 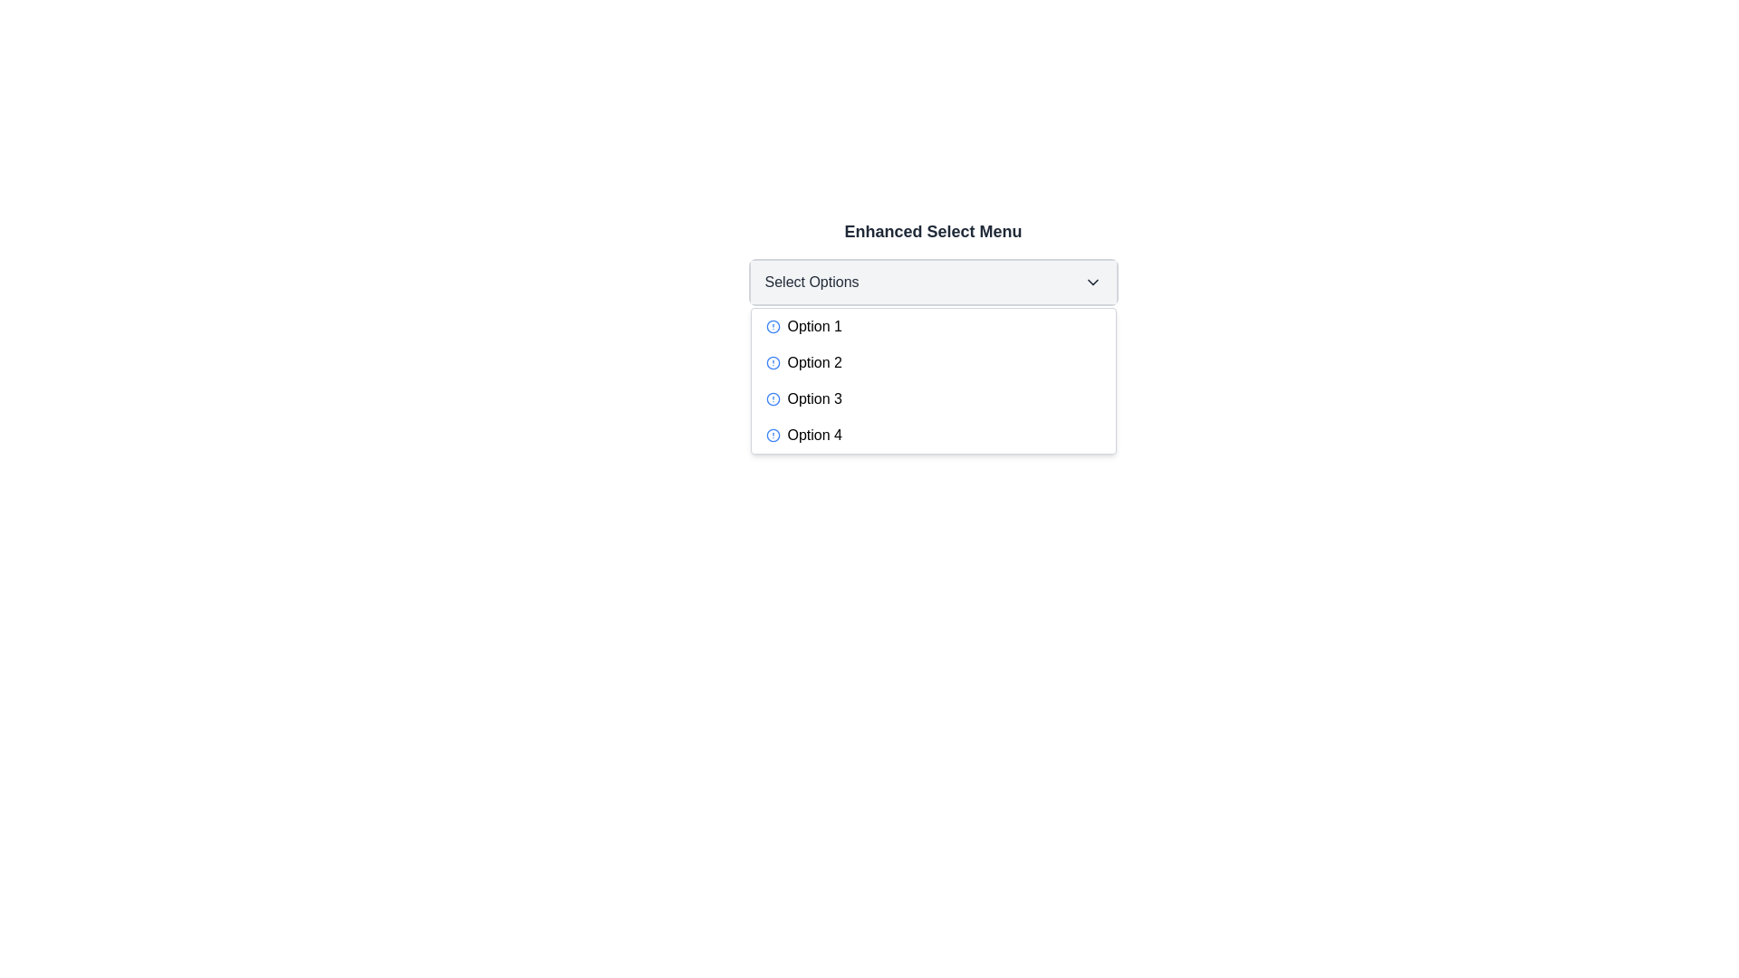 I want to click on icon representing the current selection or state associated with 'Option 2', located next to the text 'Option 2' in the vertical list below the 'Select Options' dropdown menu, so click(x=773, y=363).